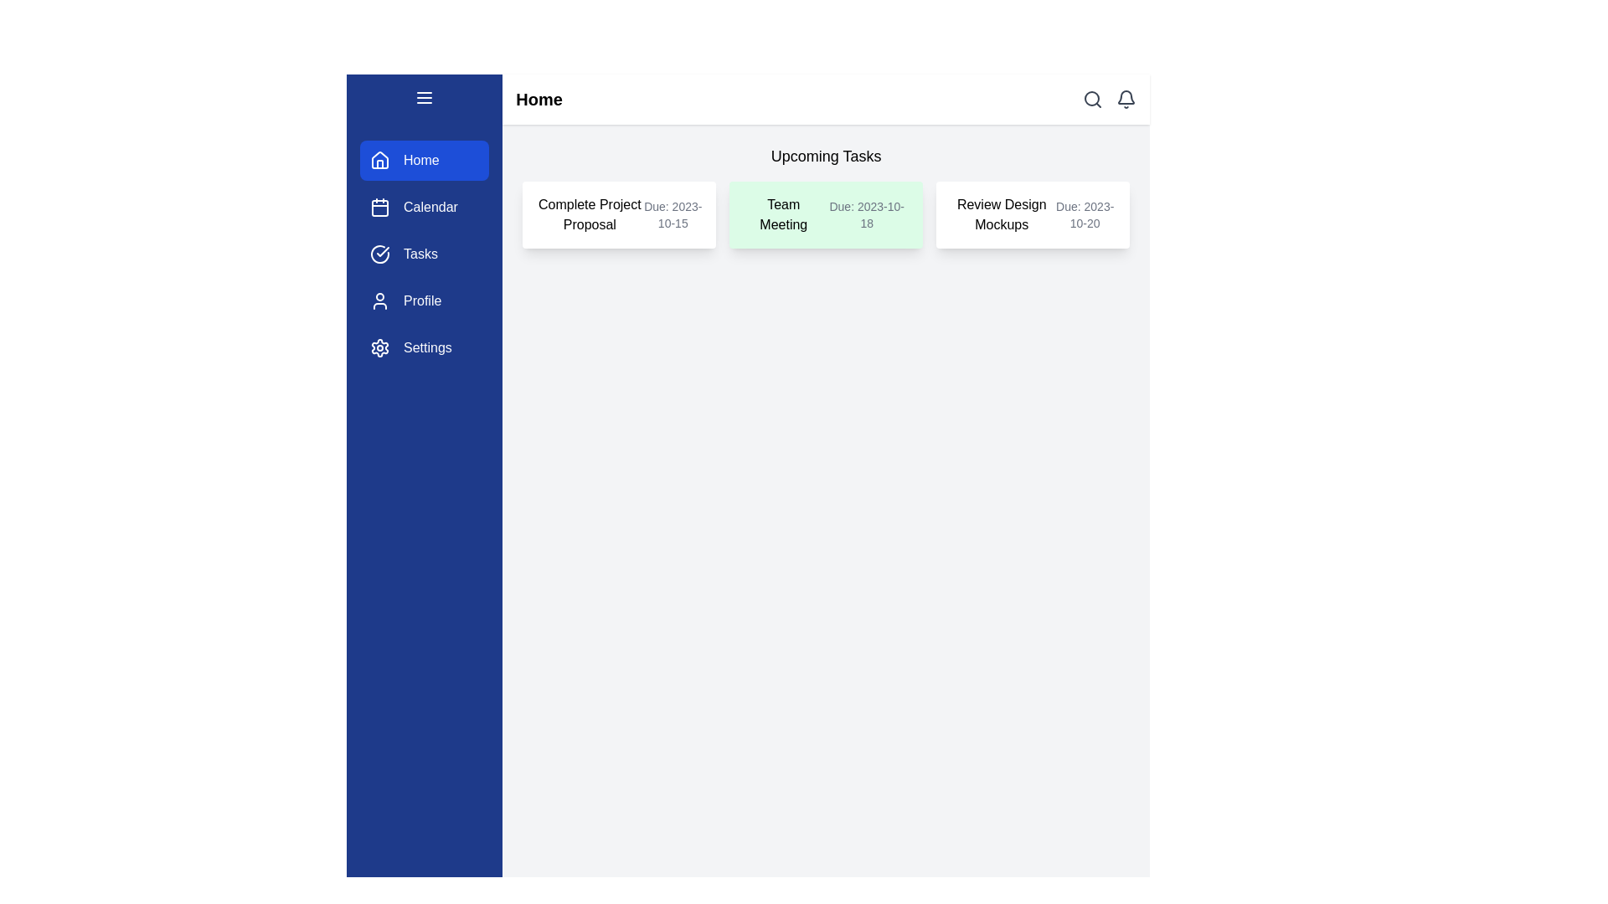  Describe the element at coordinates (420, 254) in the screenshot. I see `the 'Tasks' text label, which is white and part of a blue sidebar` at that location.